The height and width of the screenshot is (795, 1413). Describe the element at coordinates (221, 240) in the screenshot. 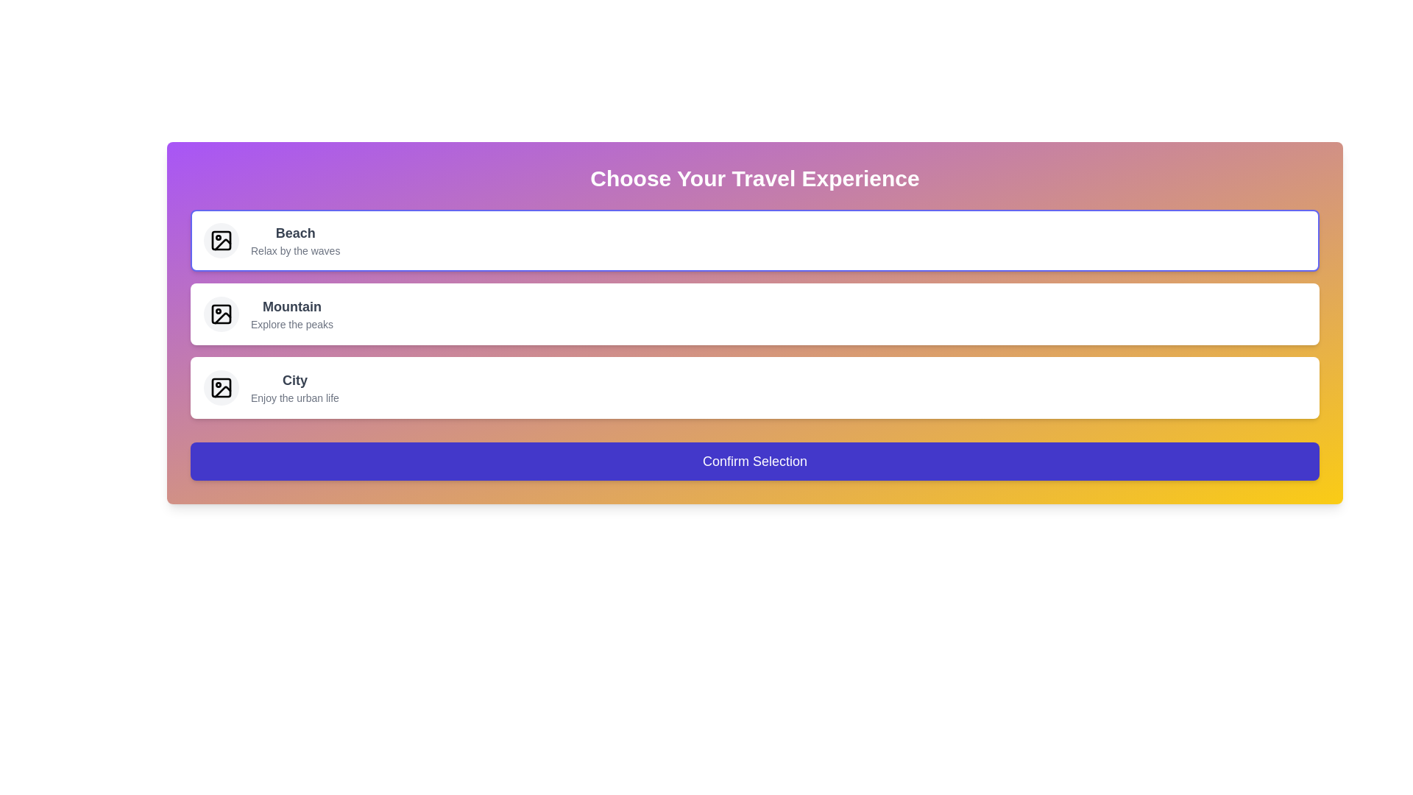

I see `the decorative icon representing the 'Beach' travel experience option, which is positioned to the left of the text 'Beach - Relax by the waves'` at that location.